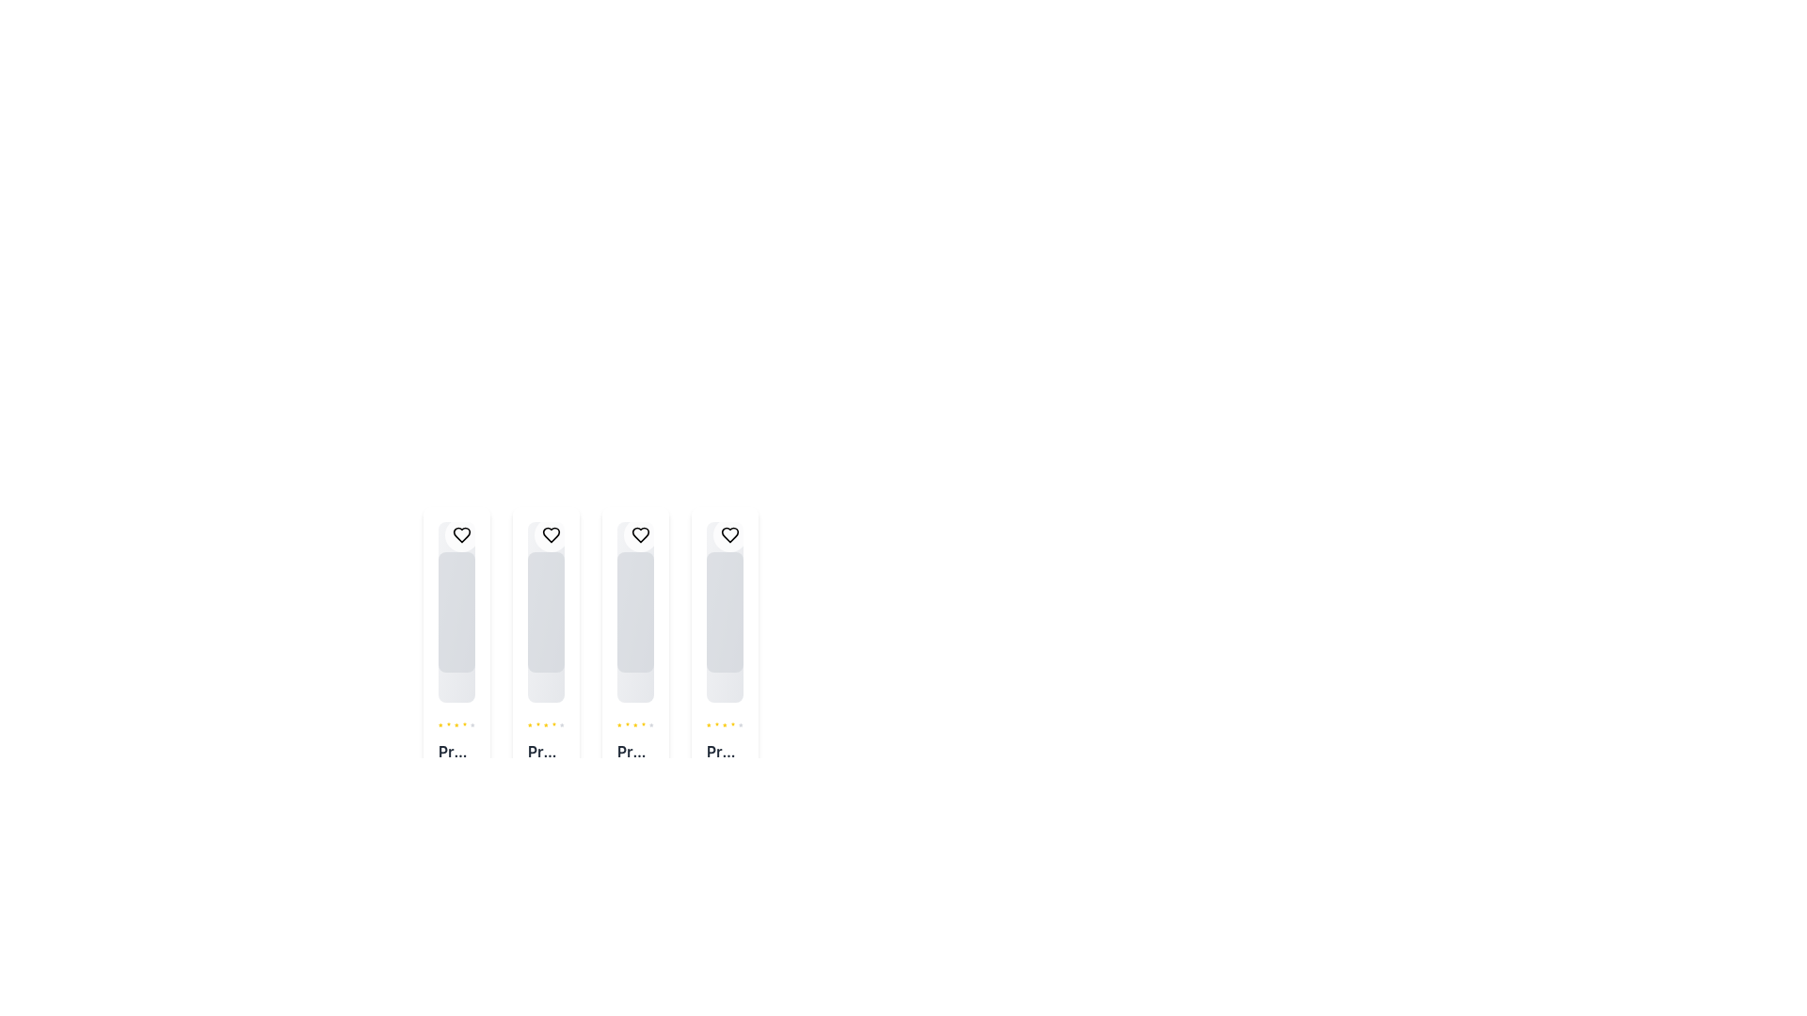  I want to click on the fourth star icon in a row of five yellow stars, so click(635, 724).